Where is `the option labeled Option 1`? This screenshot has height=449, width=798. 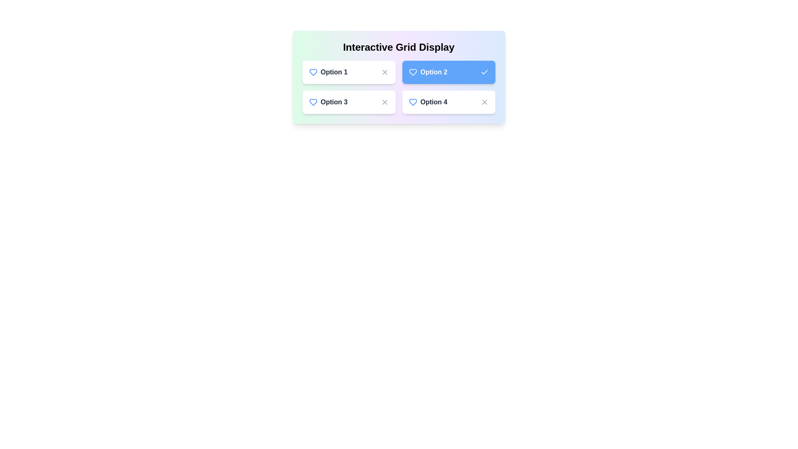
the option labeled Option 1 is located at coordinates (349, 72).